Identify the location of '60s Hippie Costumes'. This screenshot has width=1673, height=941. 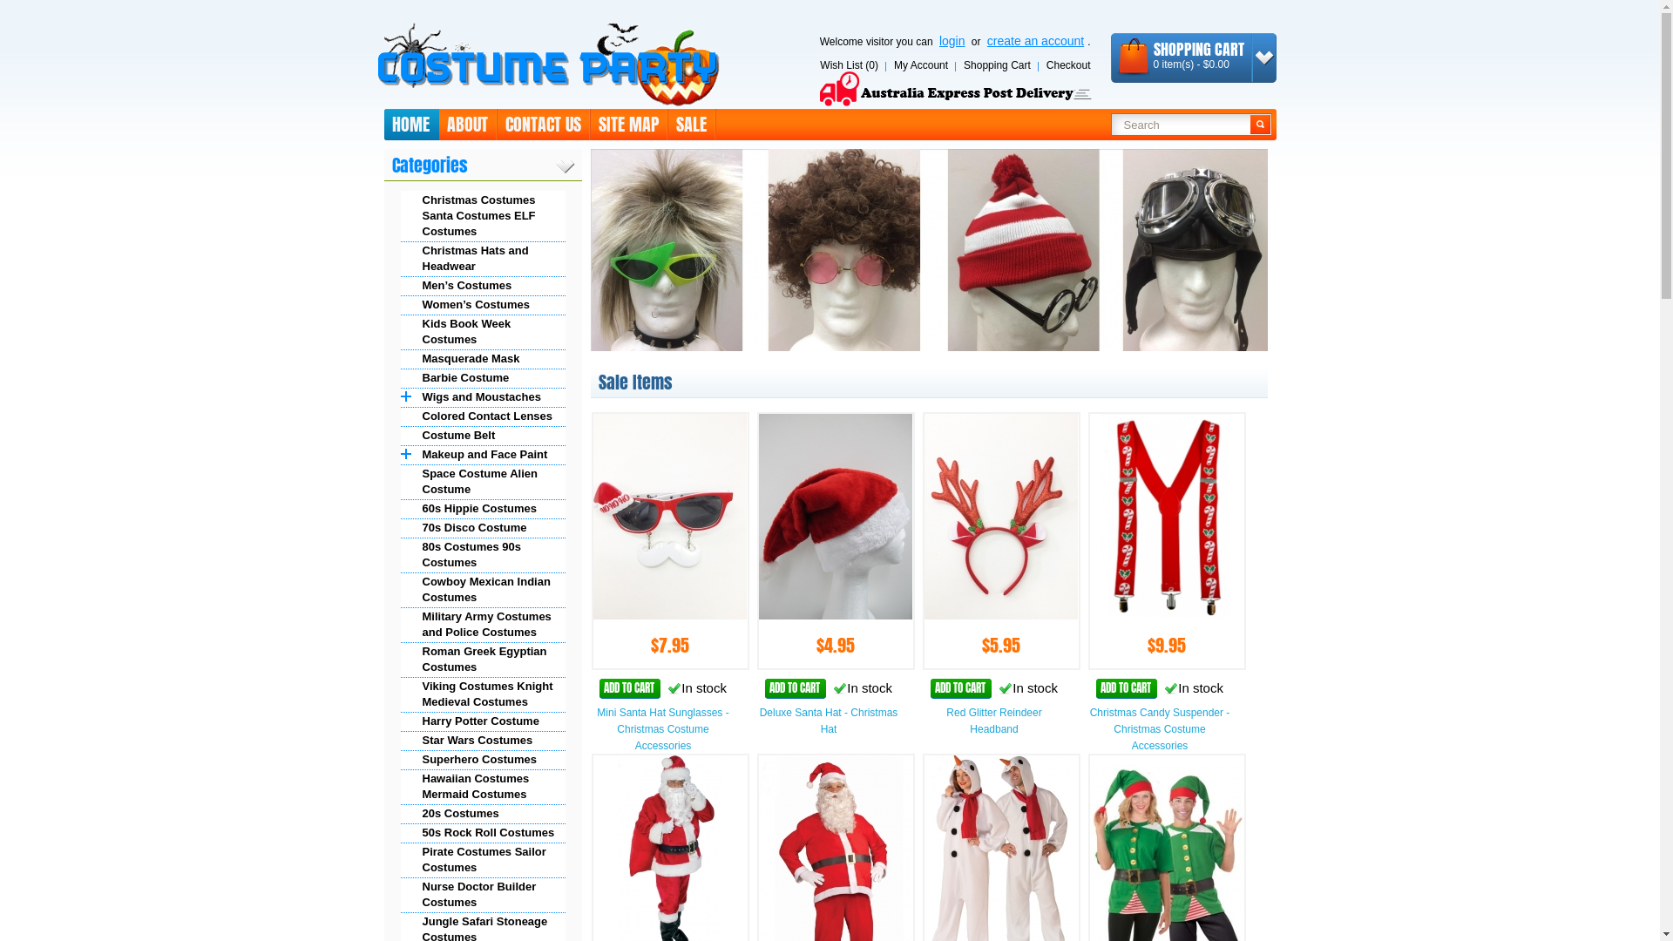
(483, 508).